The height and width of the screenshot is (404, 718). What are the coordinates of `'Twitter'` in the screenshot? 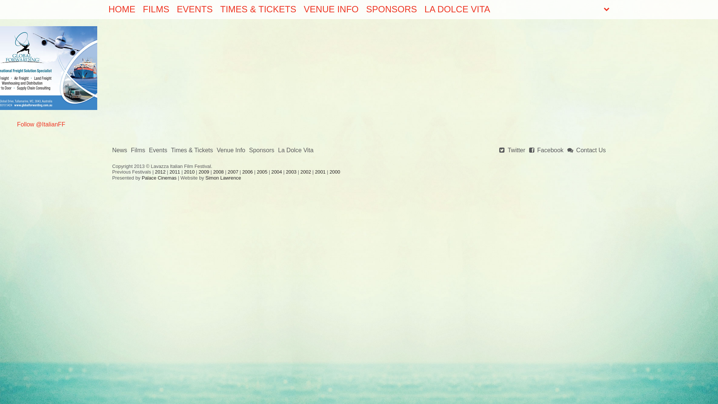 It's located at (499, 150).